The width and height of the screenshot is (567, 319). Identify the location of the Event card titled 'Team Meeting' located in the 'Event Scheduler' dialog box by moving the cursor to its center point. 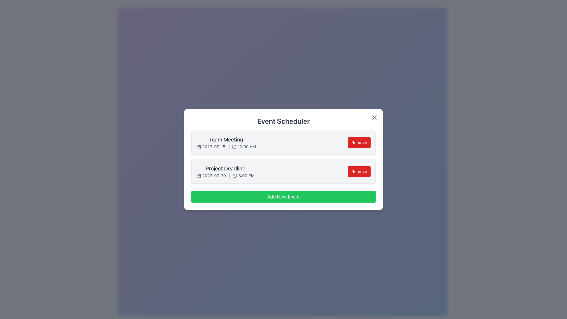
(283, 142).